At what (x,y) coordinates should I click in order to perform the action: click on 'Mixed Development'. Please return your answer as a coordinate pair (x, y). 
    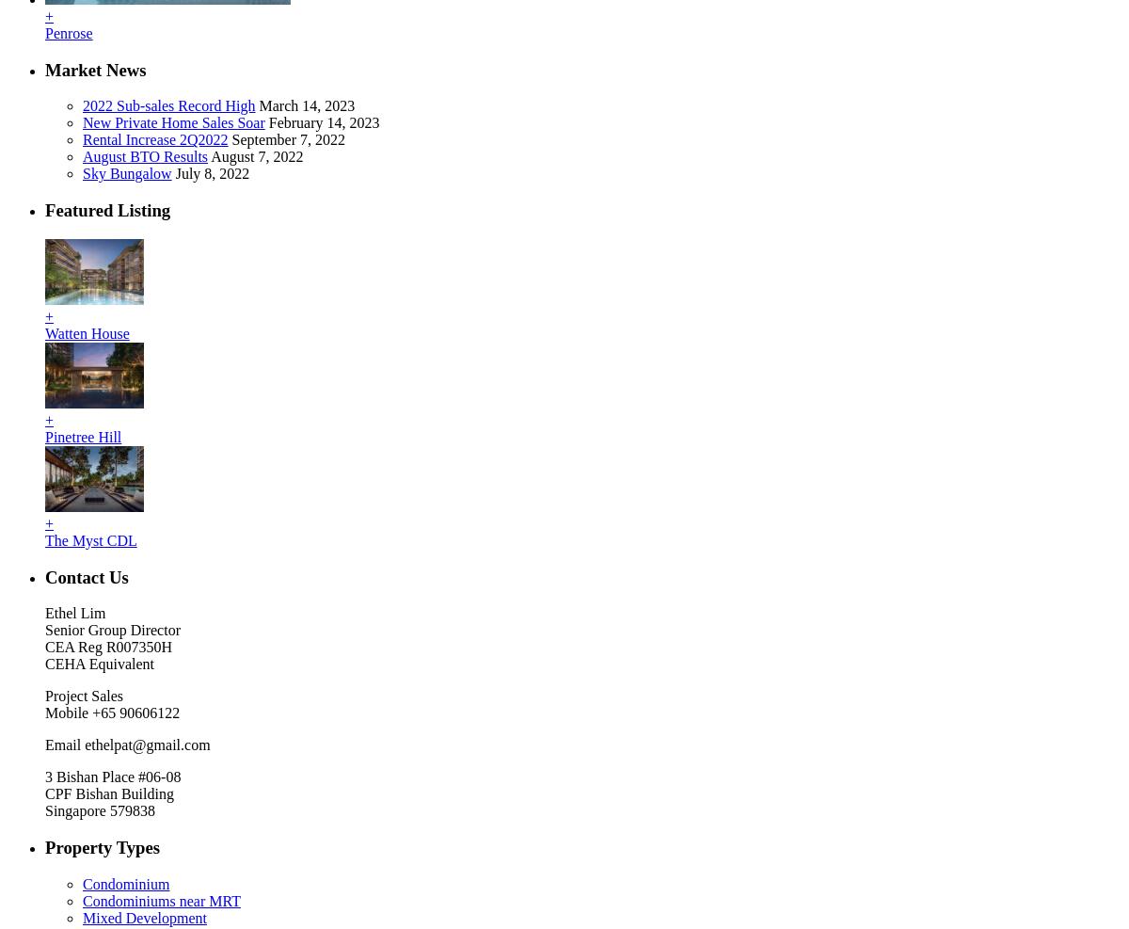
    Looking at the image, I should click on (143, 917).